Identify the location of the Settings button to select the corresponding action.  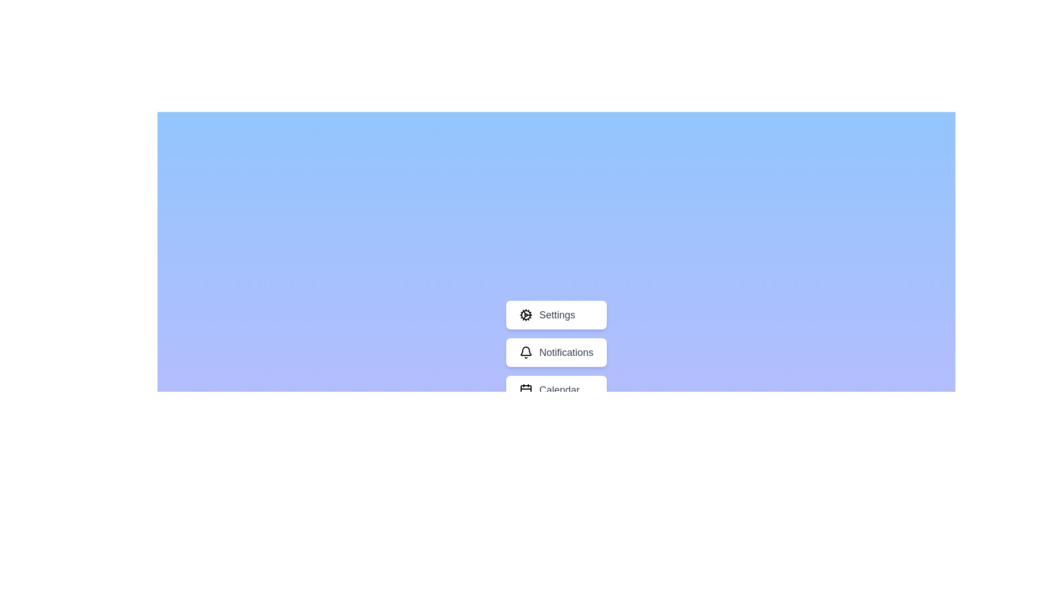
(556, 315).